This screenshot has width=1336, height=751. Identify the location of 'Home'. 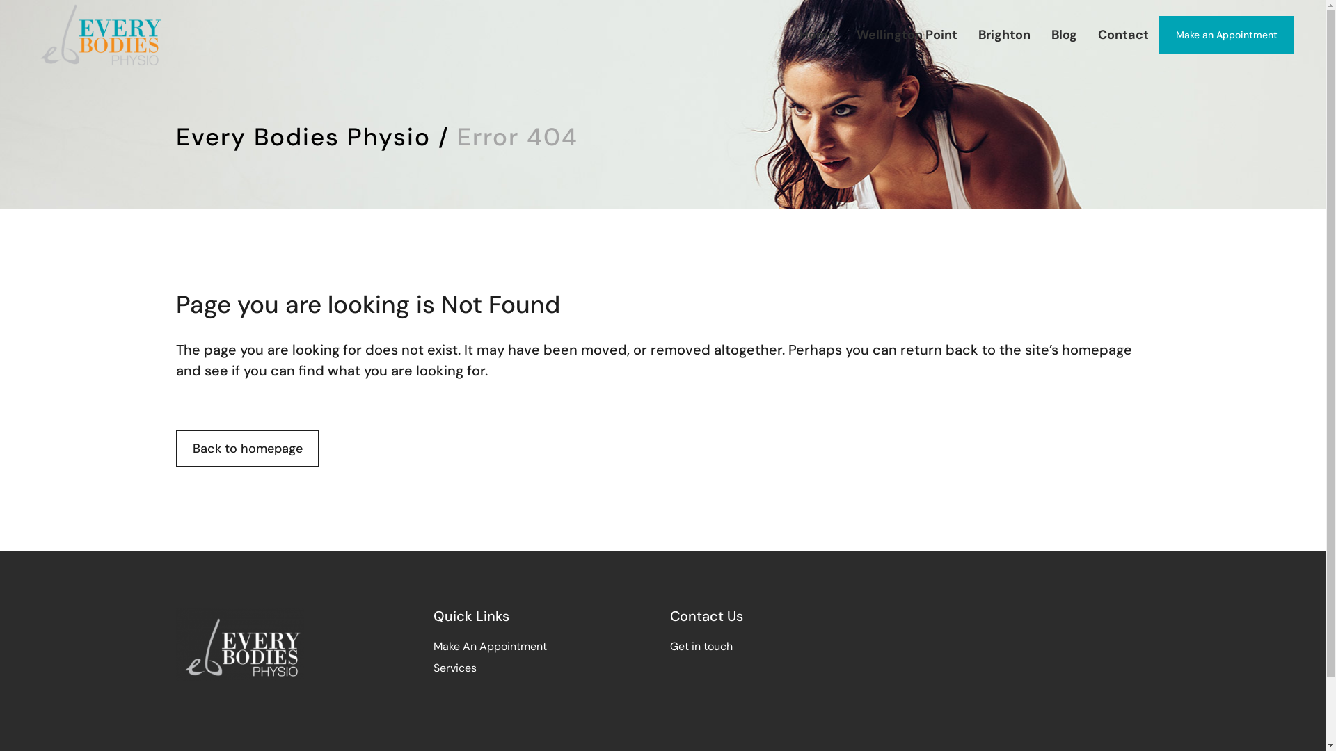
(788, 34).